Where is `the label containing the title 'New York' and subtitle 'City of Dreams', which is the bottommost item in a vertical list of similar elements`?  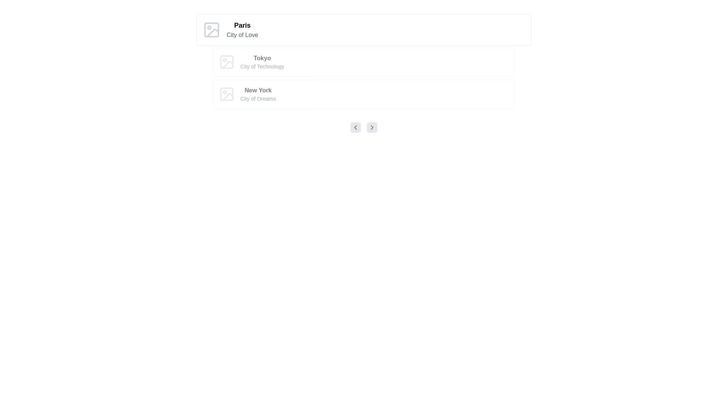 the label containing the title 'New York' and subtitle 'City of Dreams', which is the bottommost item in a vertical list of similar elements is located at coordinates (258, 94).